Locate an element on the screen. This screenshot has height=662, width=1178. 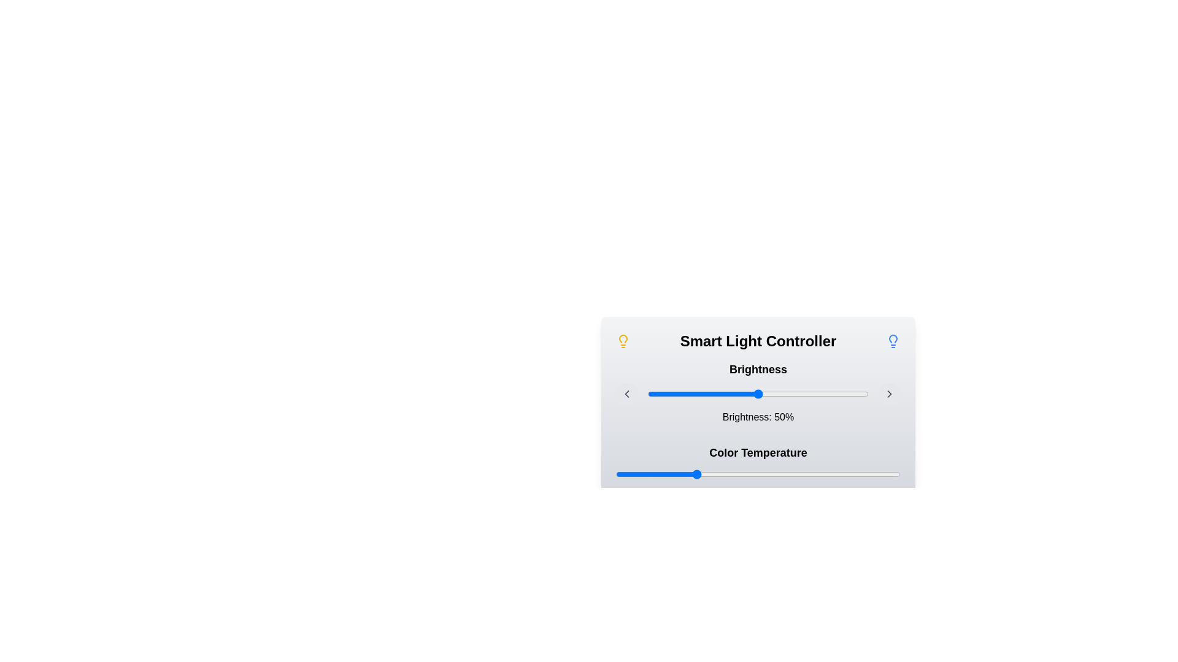
color temperature is located at coordinates (849, 474).